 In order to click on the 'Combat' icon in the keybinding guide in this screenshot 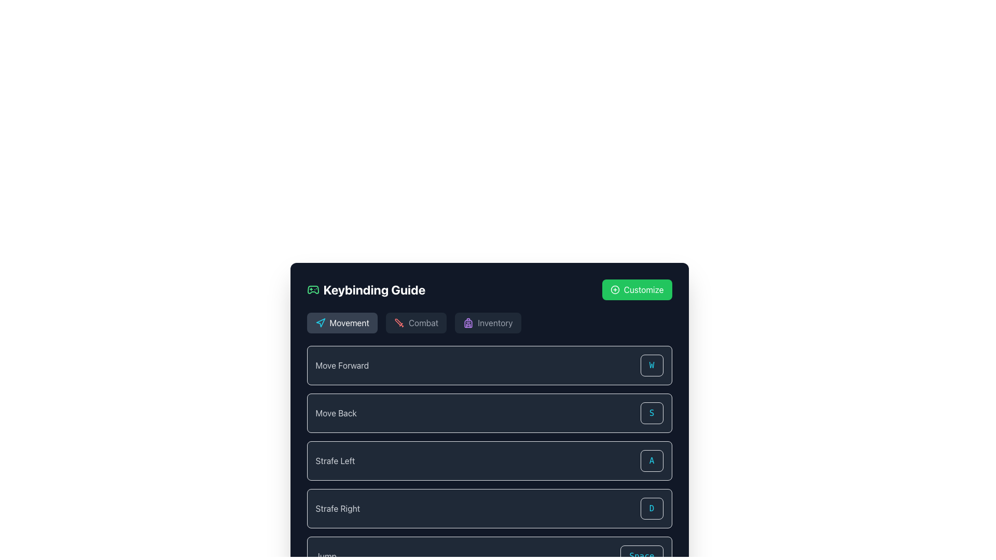, I will do `click(398, 323)`.